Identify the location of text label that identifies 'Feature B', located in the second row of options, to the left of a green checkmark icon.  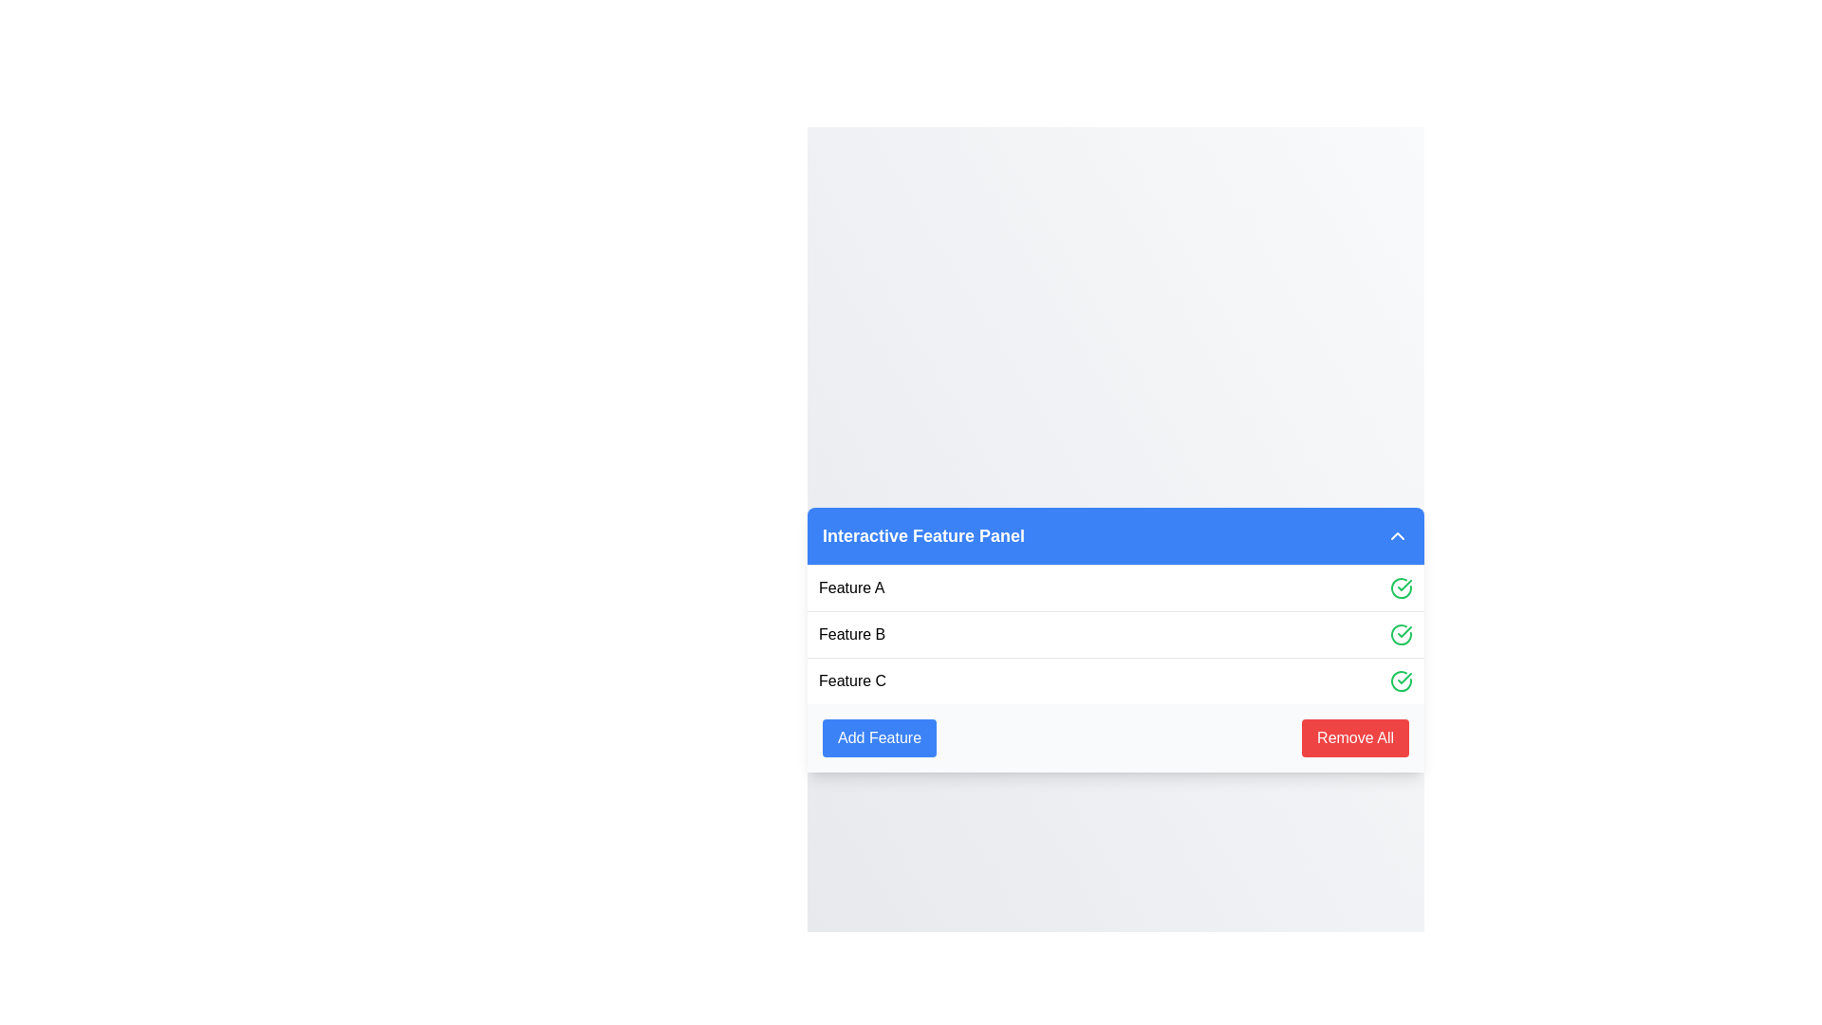
(851, 634).